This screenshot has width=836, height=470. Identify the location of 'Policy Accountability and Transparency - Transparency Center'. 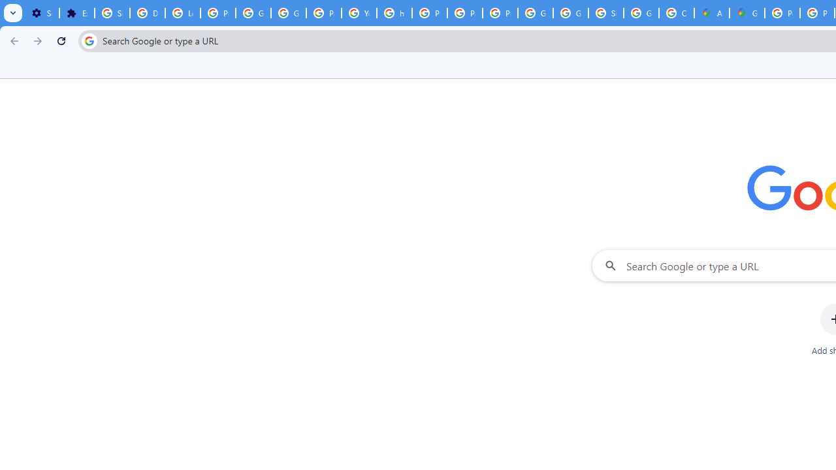
(782, 13).